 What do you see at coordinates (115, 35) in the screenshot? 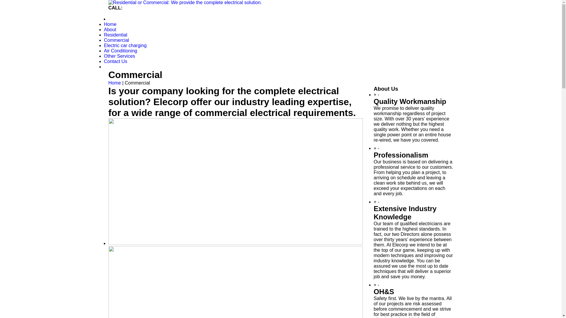
I see `'Residential'` at bounding box center [115, 35].